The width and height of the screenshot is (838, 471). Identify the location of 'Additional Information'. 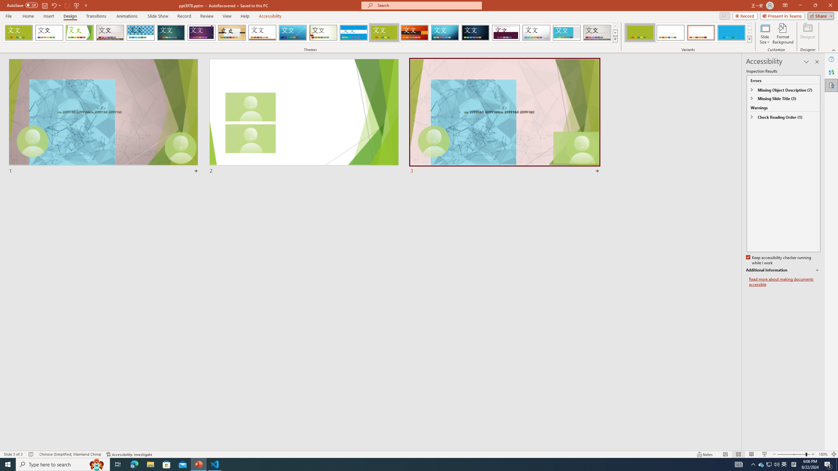
(783, 270).